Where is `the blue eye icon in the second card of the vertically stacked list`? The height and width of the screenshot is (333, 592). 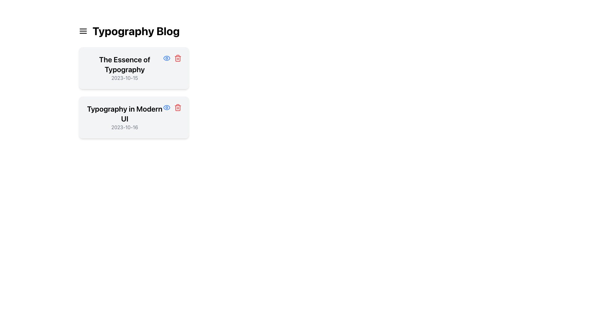
the blue eye icon in the second card of the vertically stacked list is located at coordinates (167, 107).